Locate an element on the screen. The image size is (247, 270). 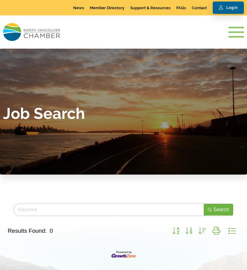
'Contact' is located at coordinates (191, 7).